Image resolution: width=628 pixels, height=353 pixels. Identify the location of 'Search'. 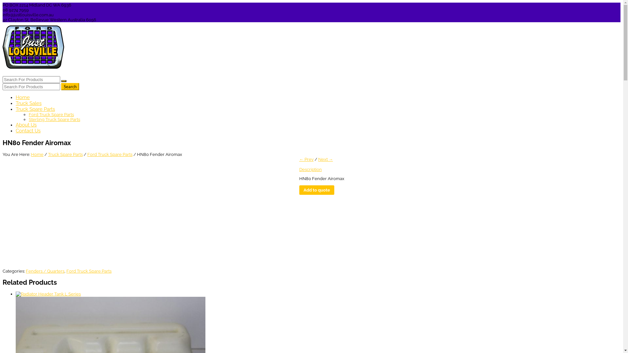
(70, 86).